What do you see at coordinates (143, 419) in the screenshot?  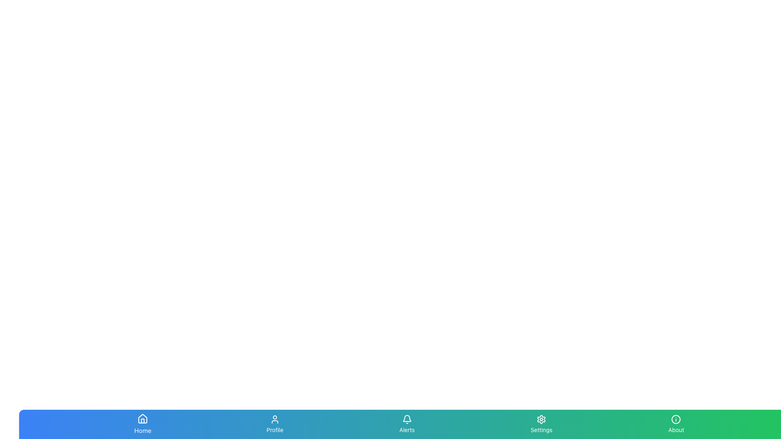 I see `the 'Home' icon in the bottom navigation bar` at bounding box center [143, 419].